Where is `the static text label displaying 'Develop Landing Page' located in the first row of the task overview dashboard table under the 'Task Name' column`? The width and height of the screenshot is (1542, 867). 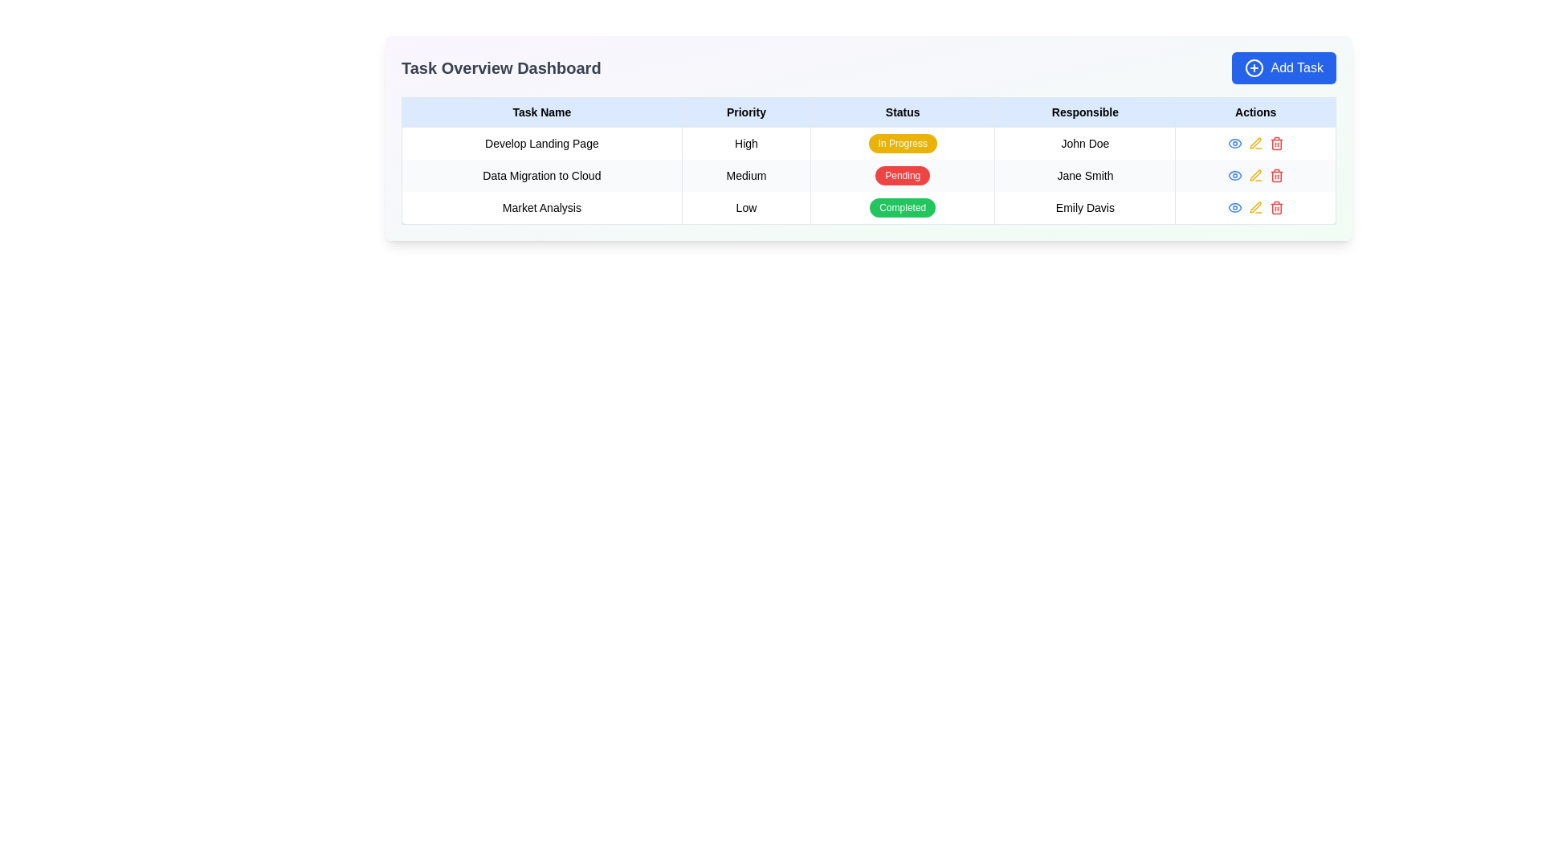
the static text label displaying 'Develop Landing Page' located in the first row of the task overview dashboard table under the 'Task Name' column is located at coordinates (541, 142).